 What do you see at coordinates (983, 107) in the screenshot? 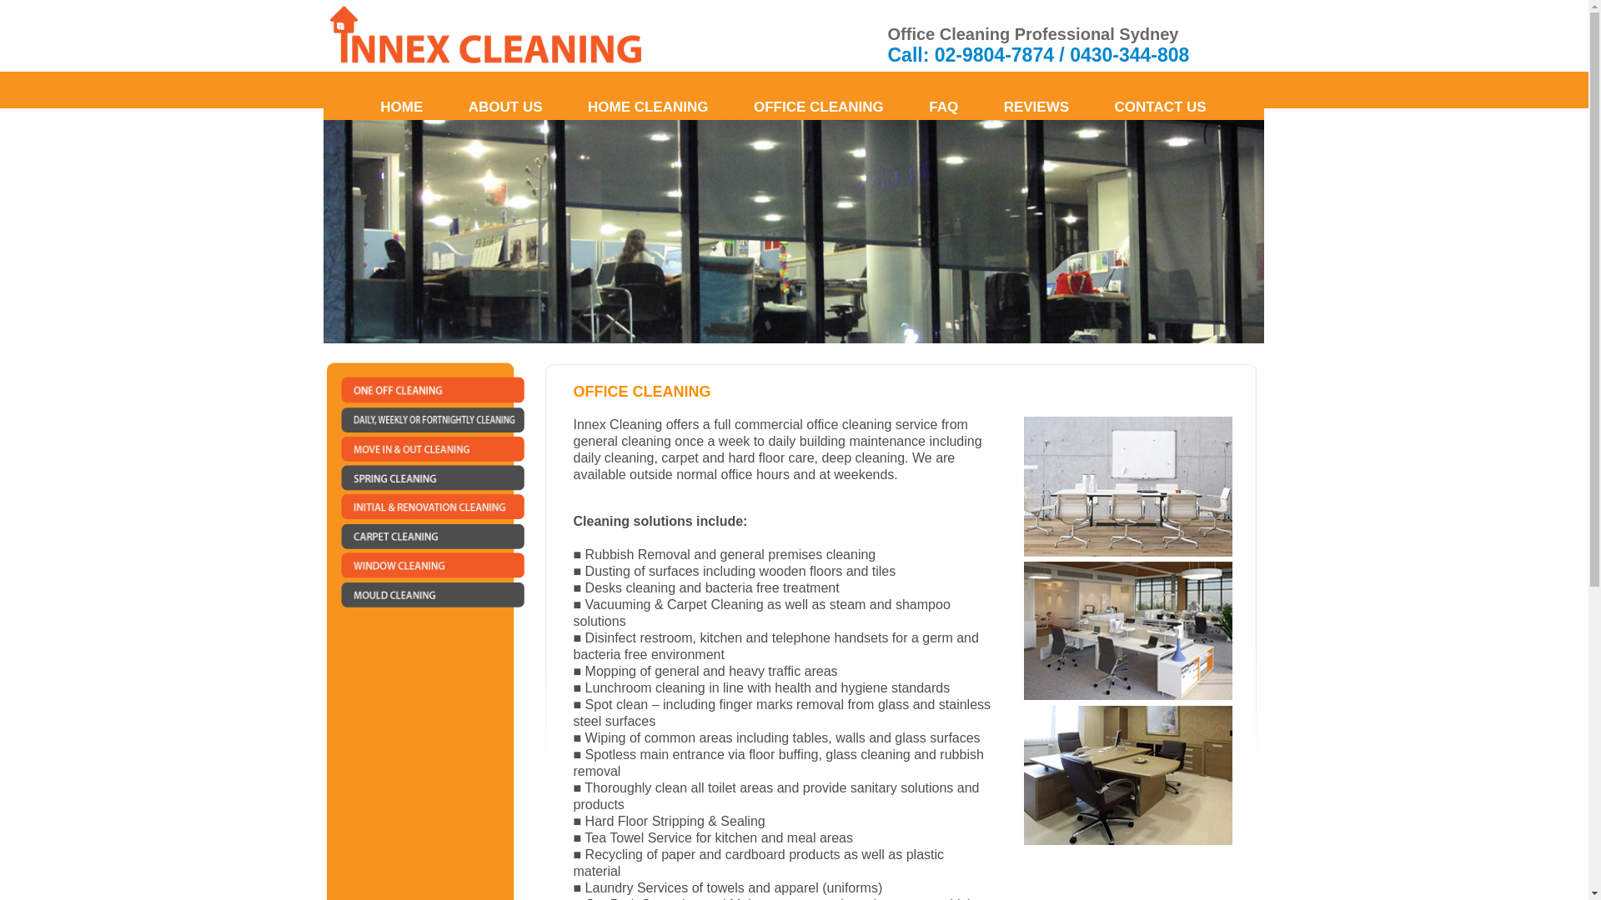
I see `'REVIEWS'` at bounding box center [983, 107].